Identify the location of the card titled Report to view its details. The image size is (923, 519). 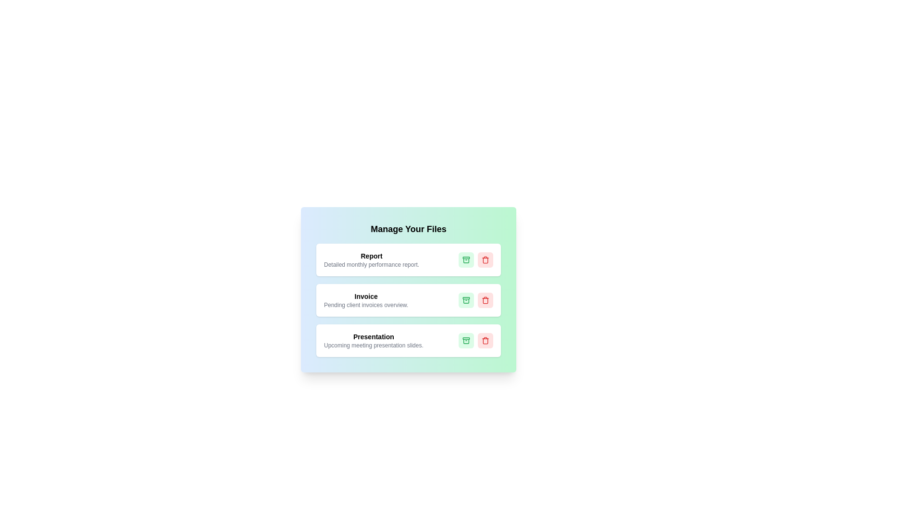
(408, 259).